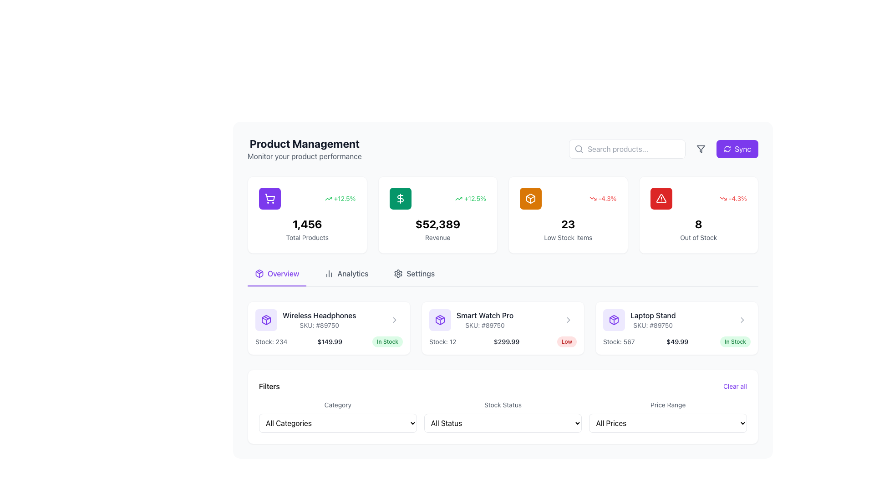 The image size is (874, 491). I want to click on the static text label displaying the price of the product located within the card labeled 'Wireless Headphones', positioned below the 'Stock: 234' label and above the 'In Stock' chip, so click(329, 342).